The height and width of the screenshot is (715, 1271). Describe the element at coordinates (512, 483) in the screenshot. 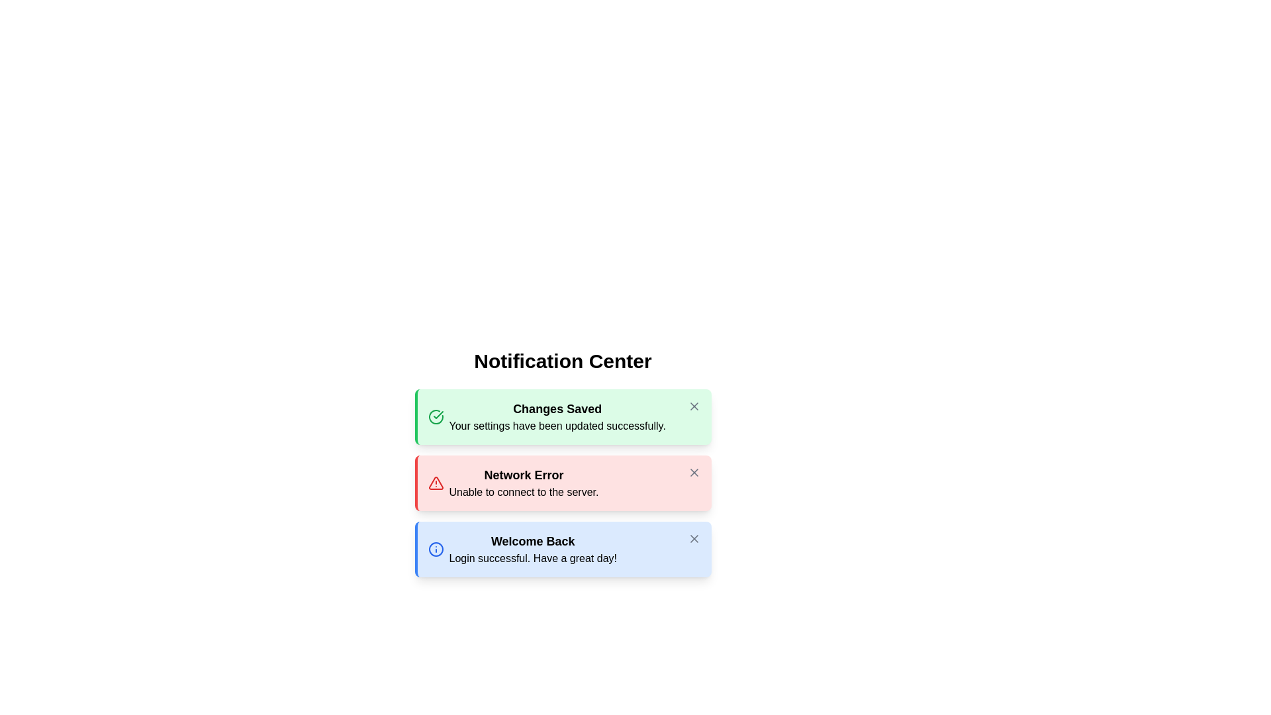

I see `the Notification alert box displaying the error message 'Network Error' to adjust settings or troubleshoot based on the message` at that location.